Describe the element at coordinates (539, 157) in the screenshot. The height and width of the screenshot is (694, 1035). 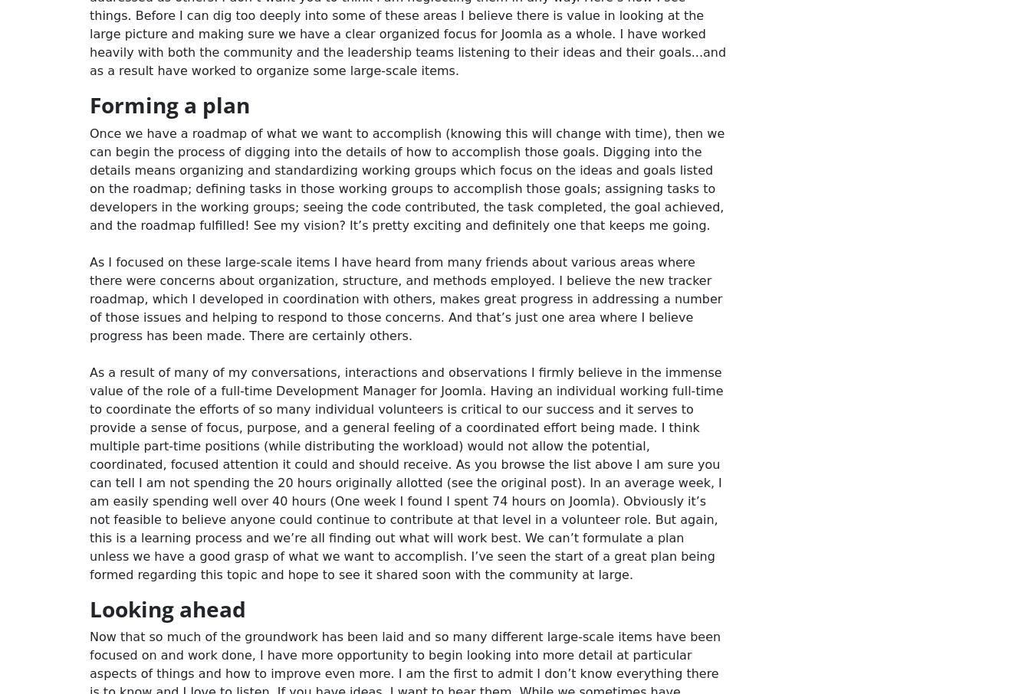
I see `'Hosting by Rochen'` at that location.